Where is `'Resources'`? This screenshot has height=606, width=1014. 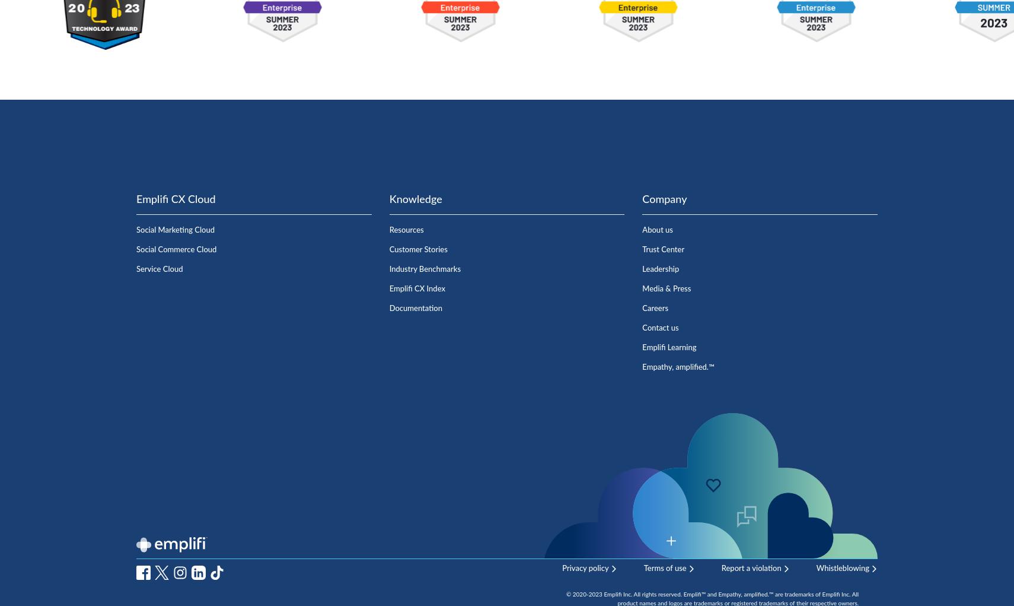
'Resources' is located at coordinates (406, 230).